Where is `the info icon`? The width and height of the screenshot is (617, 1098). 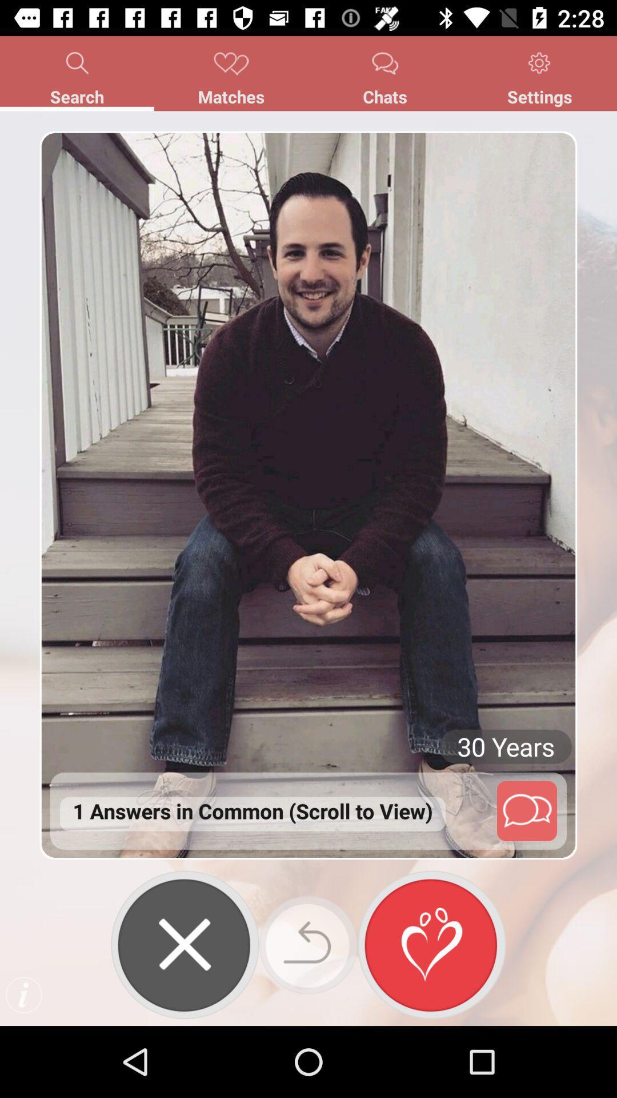
the info icon is located at coordinates (24, 994).